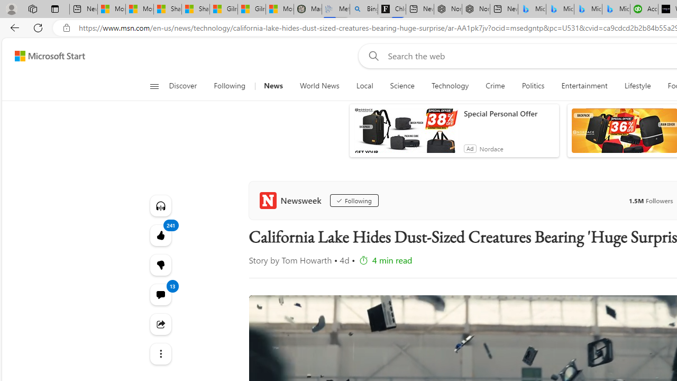 The image size is (677, 381). What do you see at coordinates (153, 86) in the screenshot?
I see `'Open navigation menu'` at bounding box center [153, 86].